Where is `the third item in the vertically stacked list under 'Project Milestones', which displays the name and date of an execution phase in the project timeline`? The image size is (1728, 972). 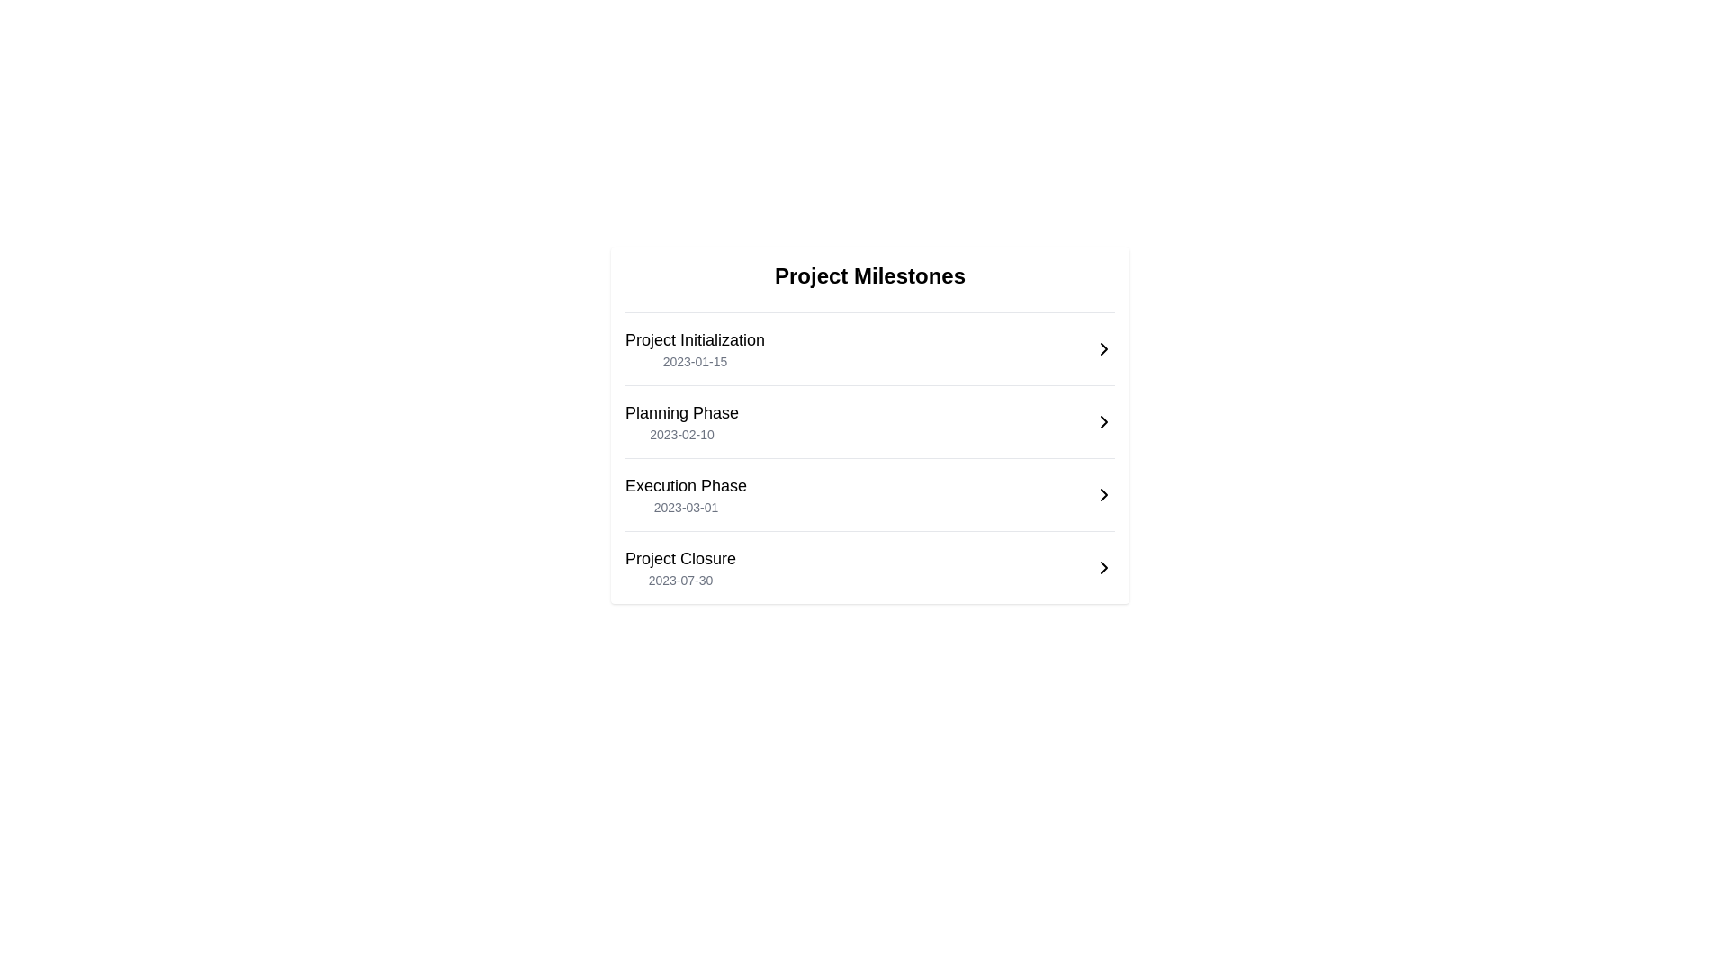 the third item in the vertically stacked list under 'Project Milestones', which displays the name and date of an execution phase in the project timeline is located at coordinates (685, 495).